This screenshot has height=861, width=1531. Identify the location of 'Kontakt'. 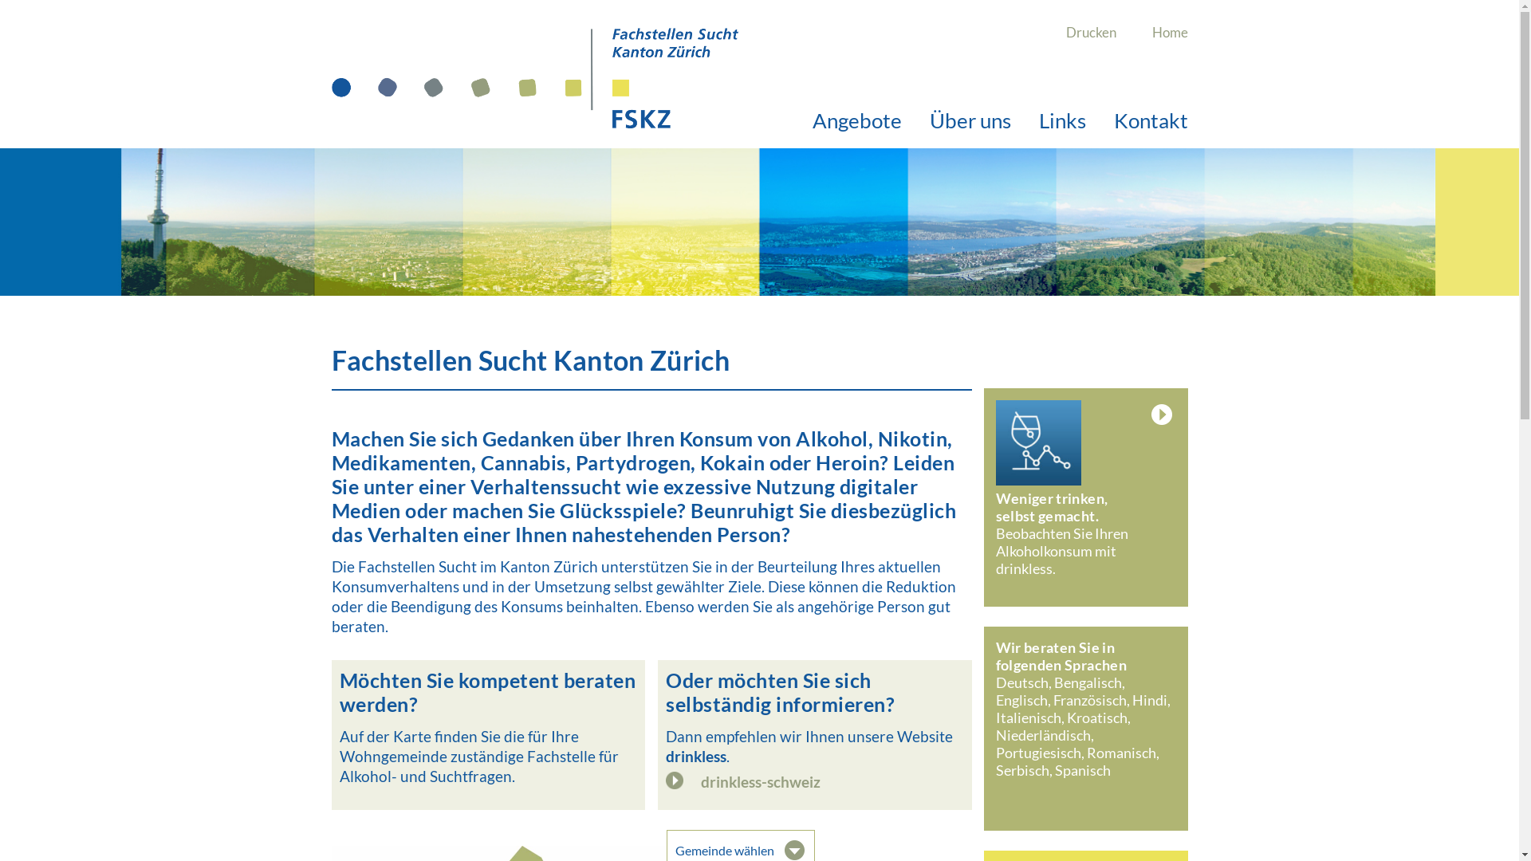
(1112, 119).